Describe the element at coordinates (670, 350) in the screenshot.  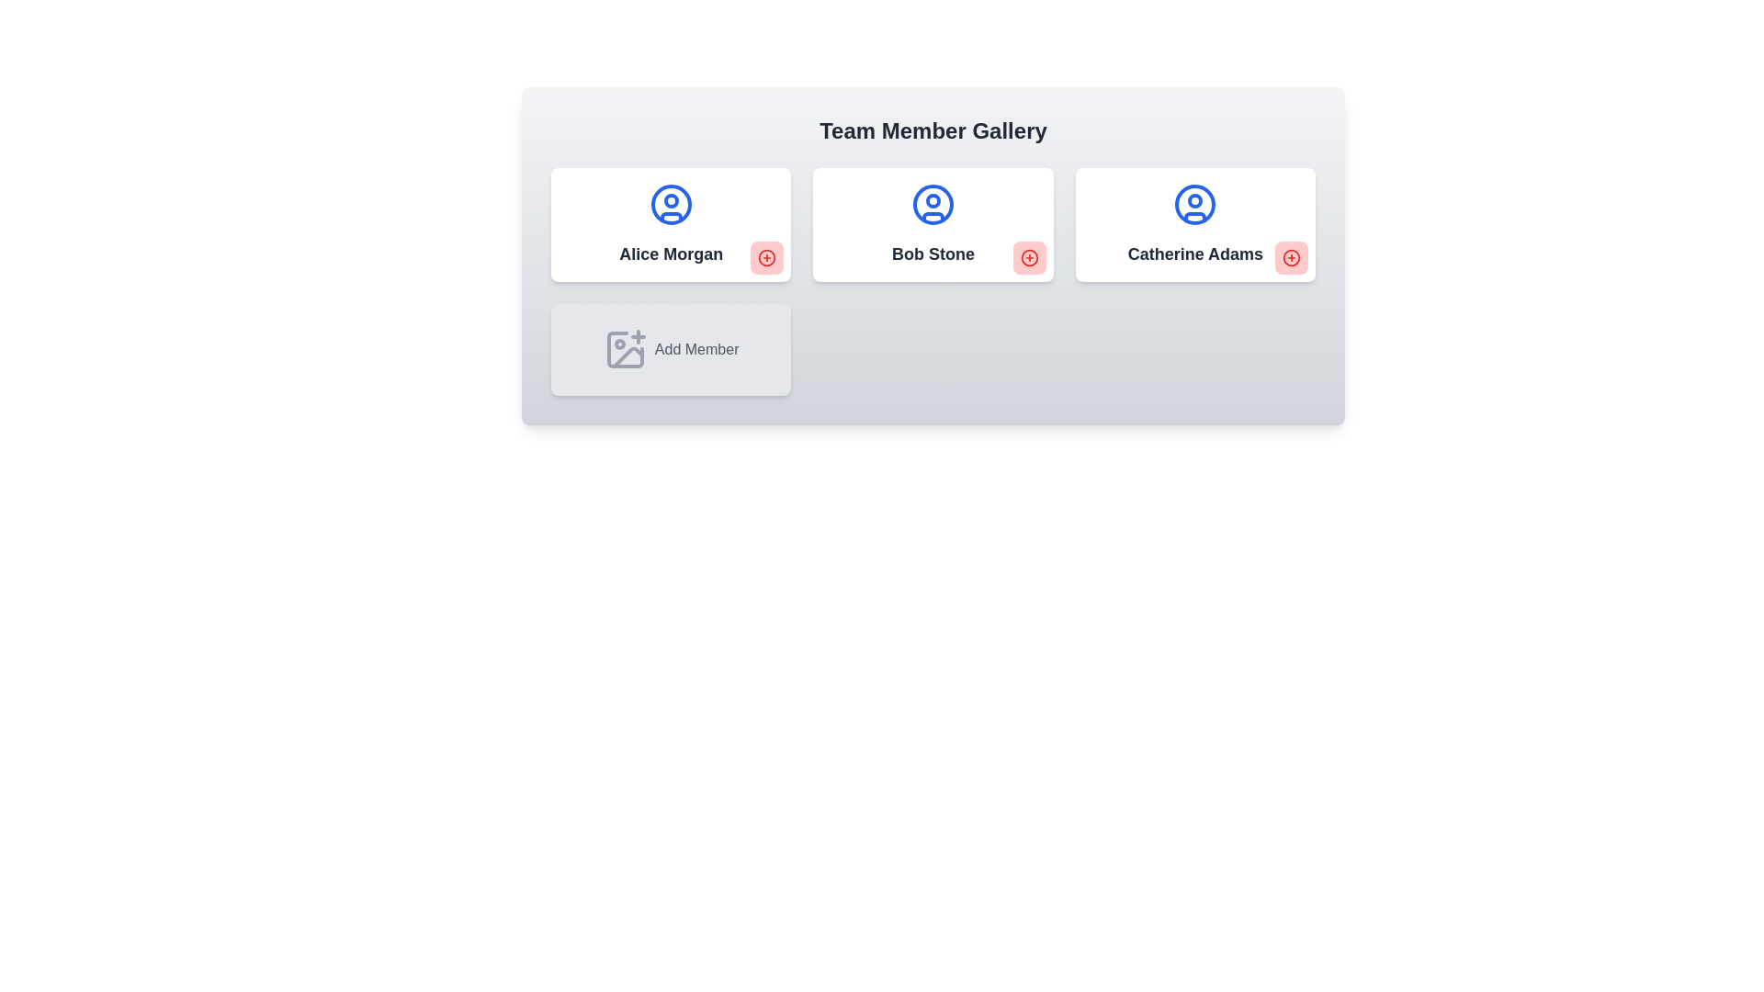
I see `the Add Member button located in the bottom-left corner of the interface` at that location.